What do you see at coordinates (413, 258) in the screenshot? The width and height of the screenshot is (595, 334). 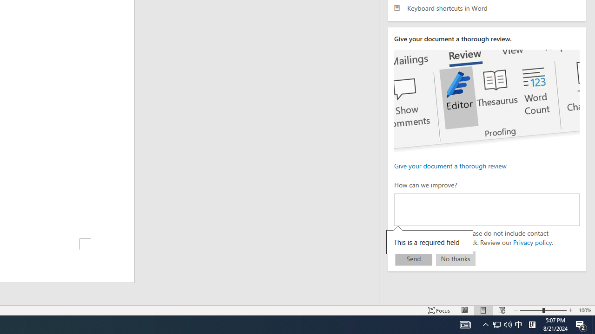 I see `'Send'` at bounding box center [413, 258].